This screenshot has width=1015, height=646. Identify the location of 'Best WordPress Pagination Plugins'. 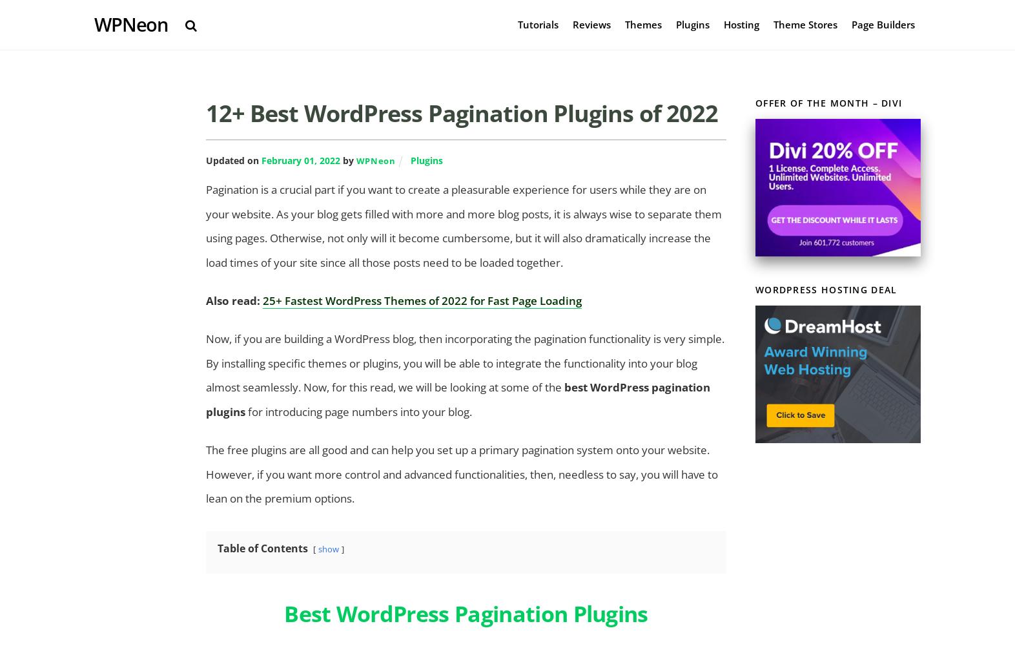
(466, 612).